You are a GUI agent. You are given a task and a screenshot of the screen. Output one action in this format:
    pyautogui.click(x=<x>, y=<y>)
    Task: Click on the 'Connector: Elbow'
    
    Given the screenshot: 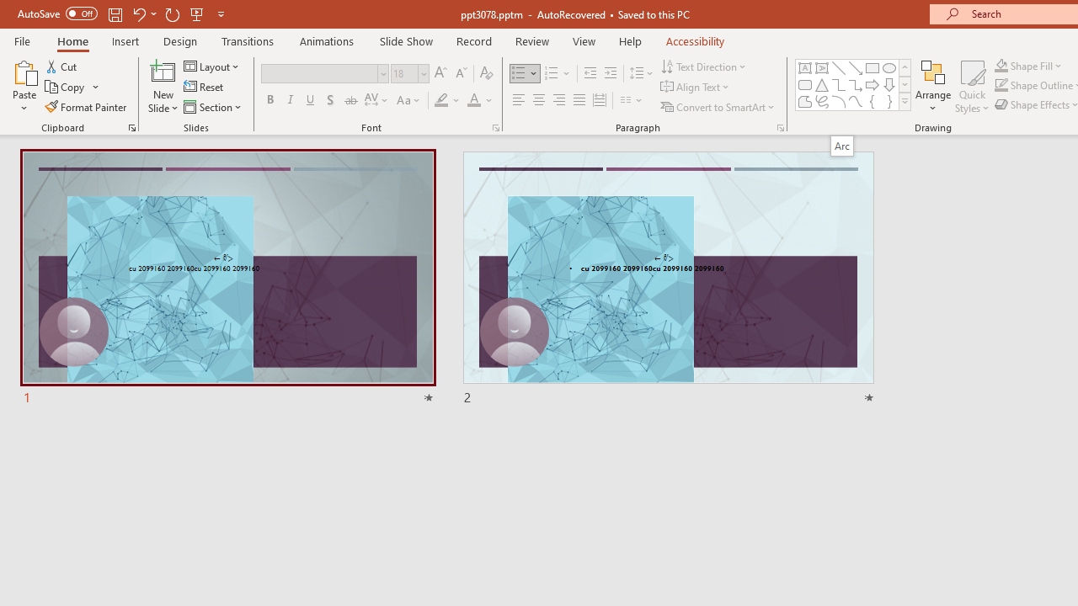 What is the action you would take?
    pyautogui.click(x=838, y=84)
    